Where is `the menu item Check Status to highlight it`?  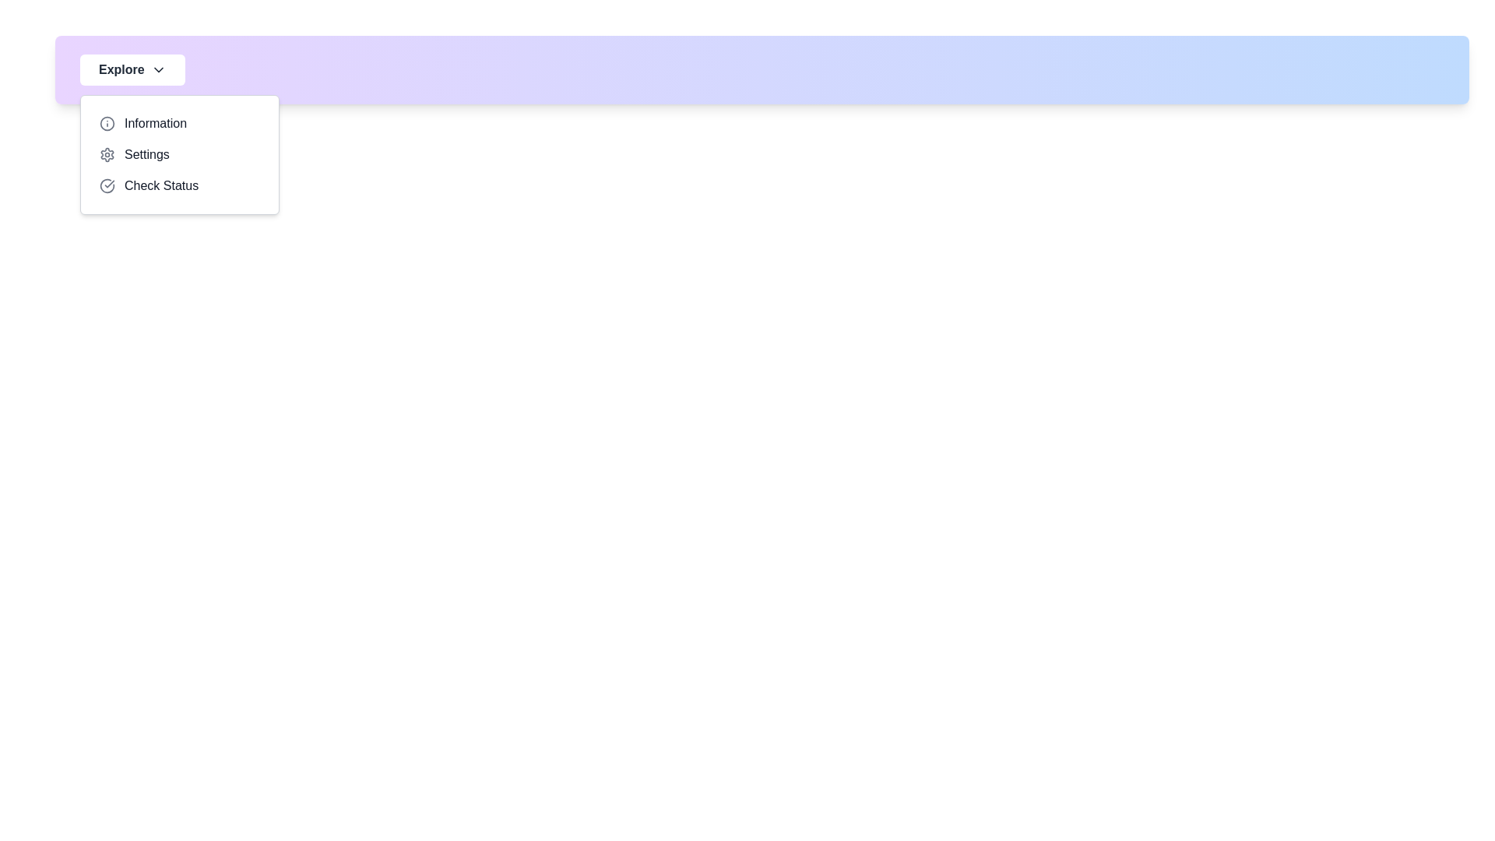 the menu item Check Status to highlight it is located at coordinates (179, 185).